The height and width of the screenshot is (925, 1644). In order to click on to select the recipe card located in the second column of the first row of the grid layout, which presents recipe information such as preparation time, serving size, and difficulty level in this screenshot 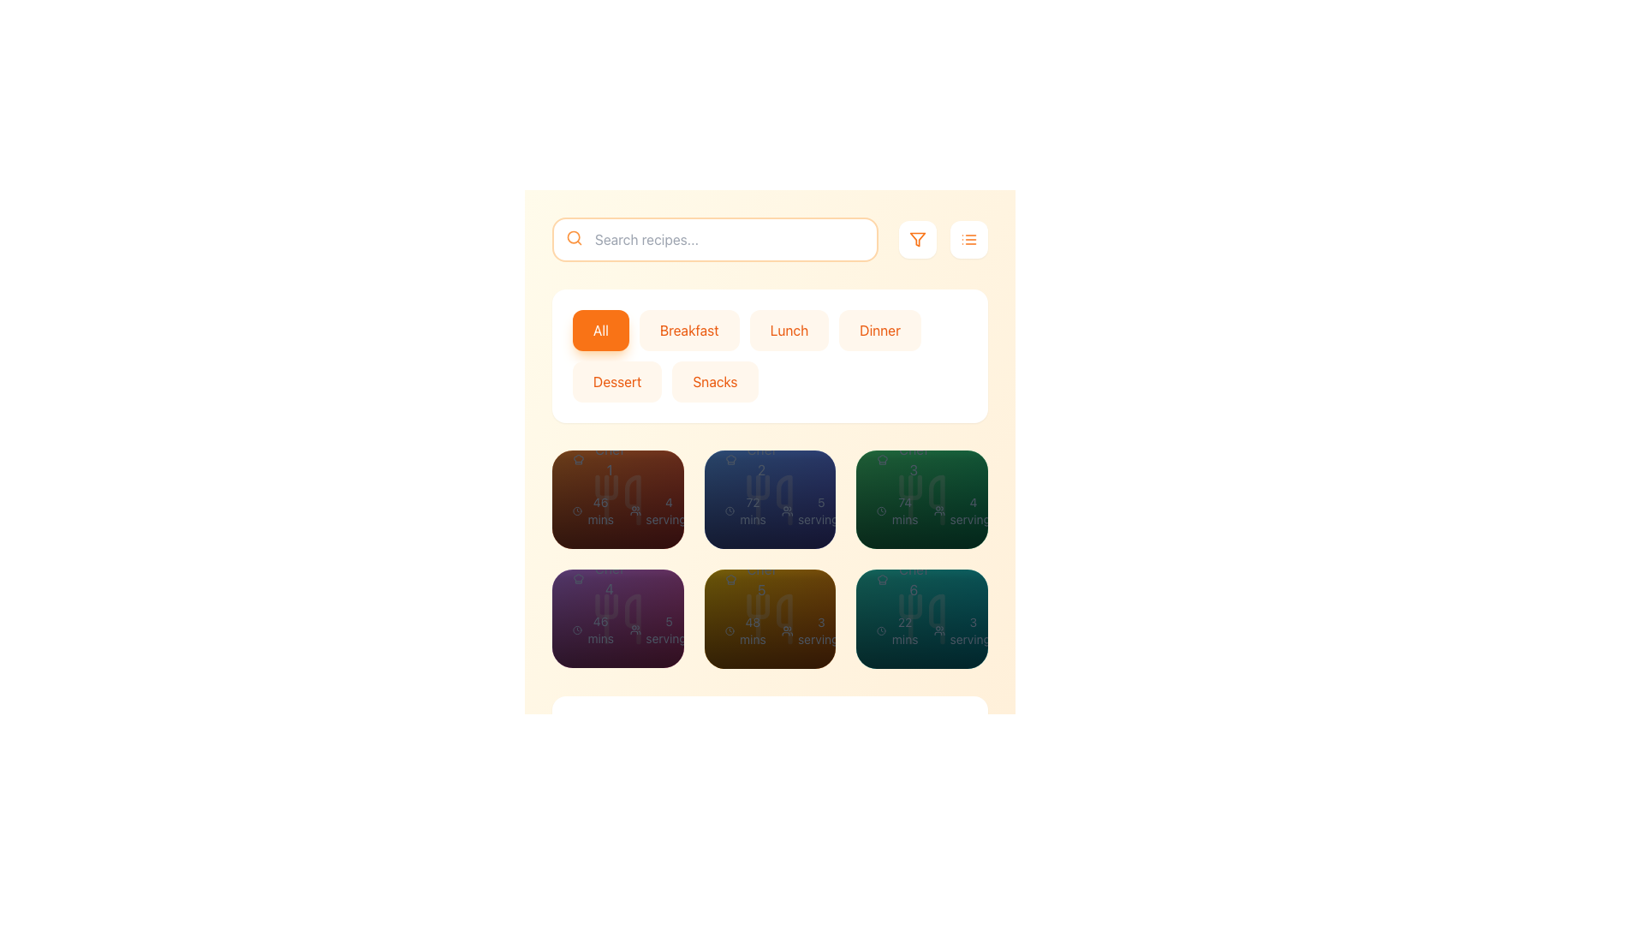, I will do `click(769, 499)`.